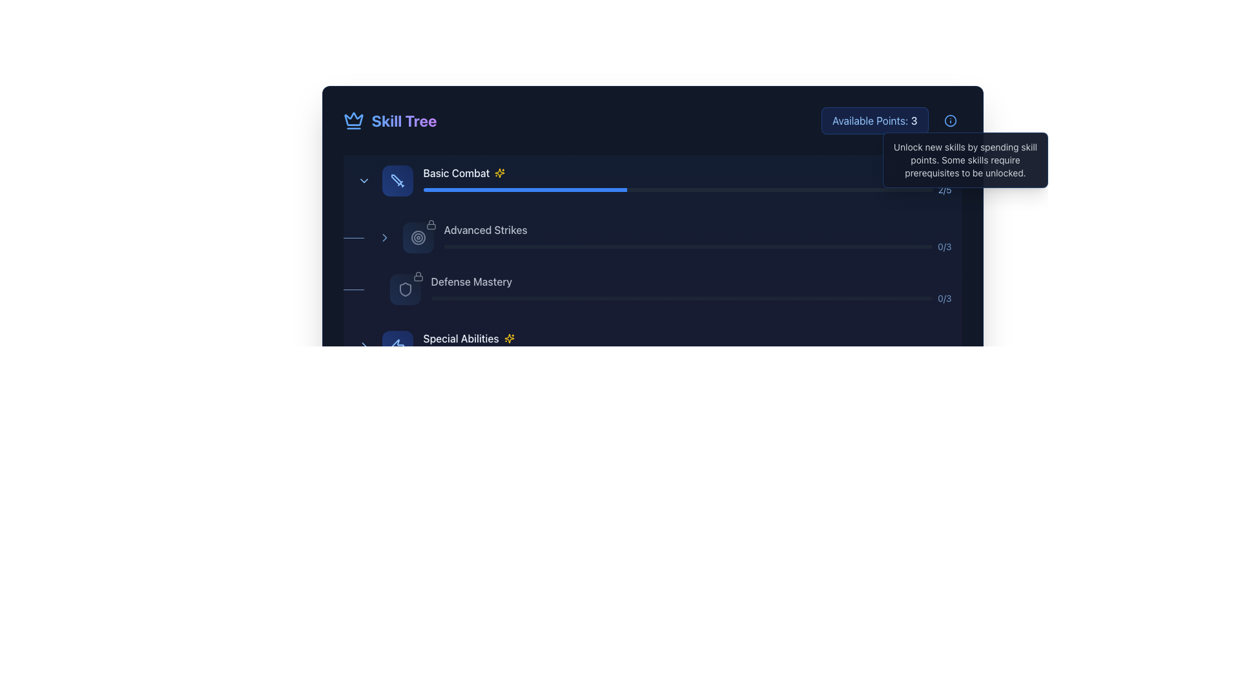 This screenshot has width=1240, height=698. What do you see at coordinates (384, 237) in the screenshot?
I see `the toggle button with a chevron icon located to the immediate left of the 'Advanced Strikes' label in the skill tree interface` at bounding box center [384, 237].